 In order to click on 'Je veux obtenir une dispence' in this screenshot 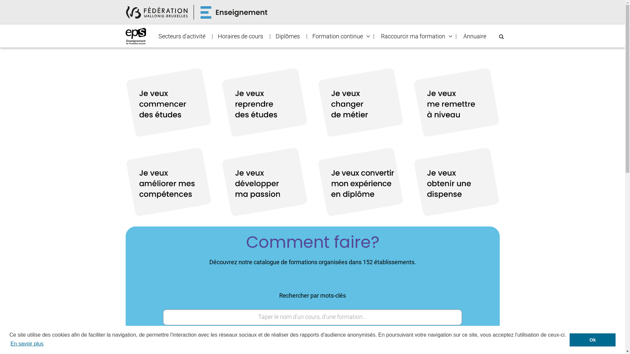, I will do `click(456, 182)`.